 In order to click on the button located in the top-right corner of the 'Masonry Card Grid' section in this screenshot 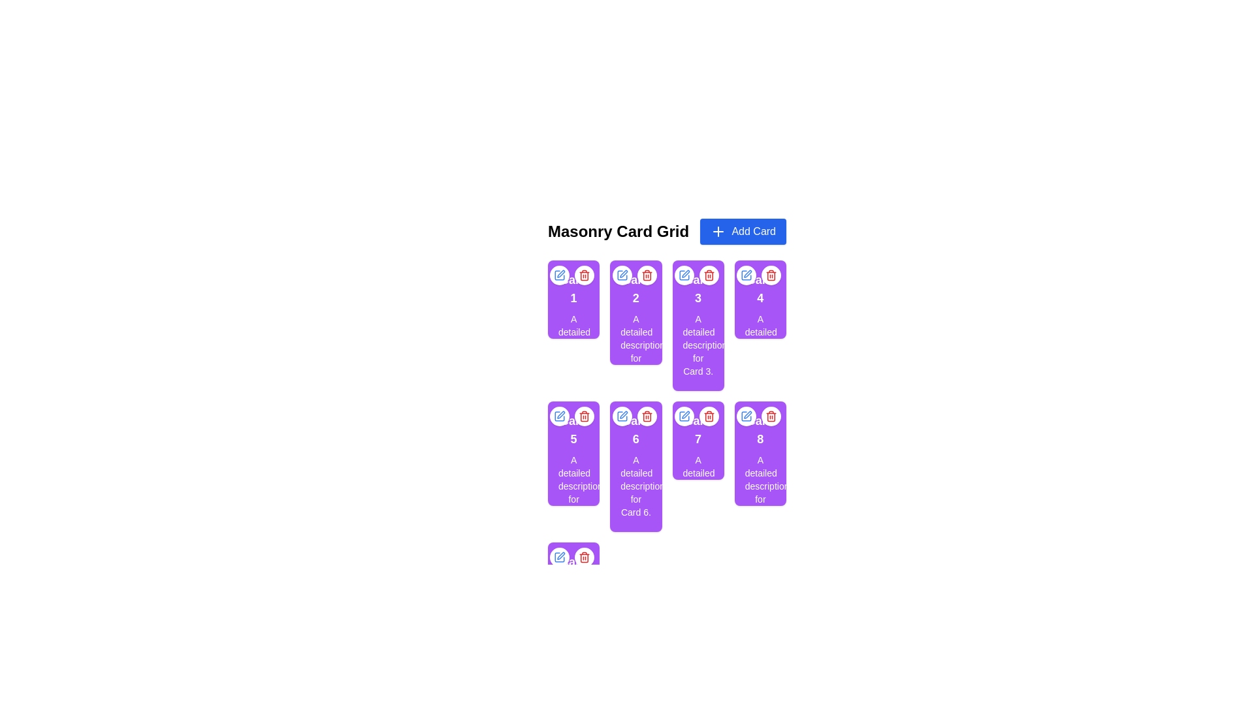, I will do `click(743, 230)`.